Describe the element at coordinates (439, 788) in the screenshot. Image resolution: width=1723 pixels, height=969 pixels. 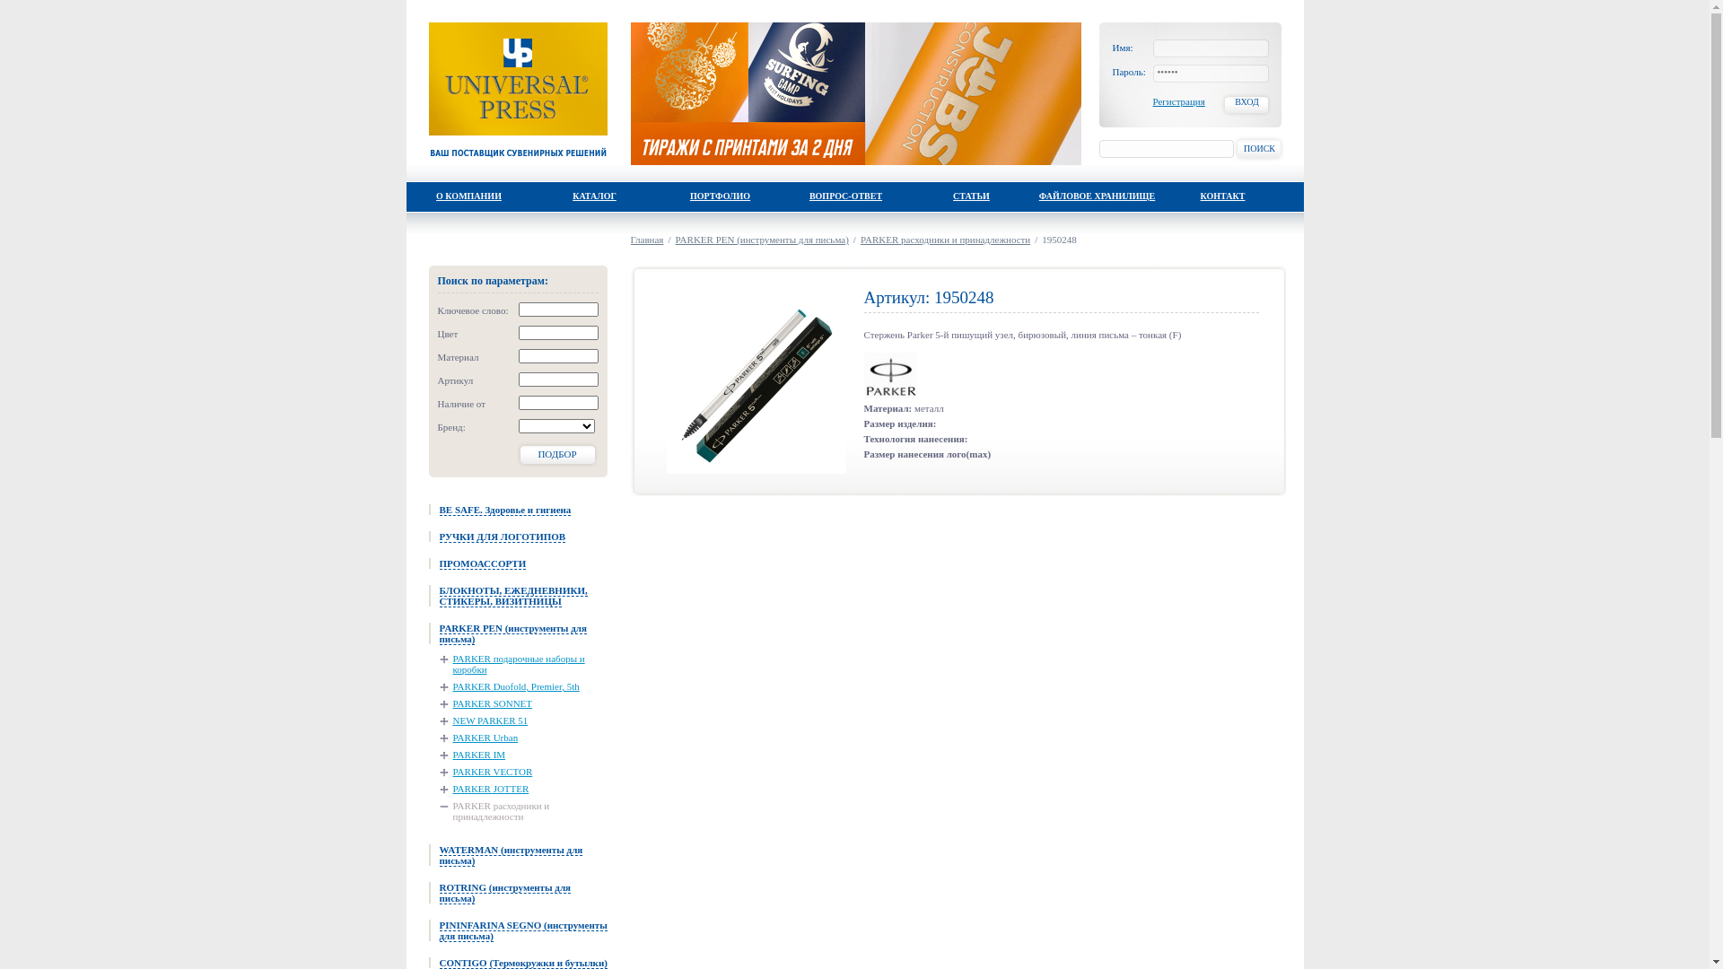
I see `'PARKER JOTTER'` at that location.